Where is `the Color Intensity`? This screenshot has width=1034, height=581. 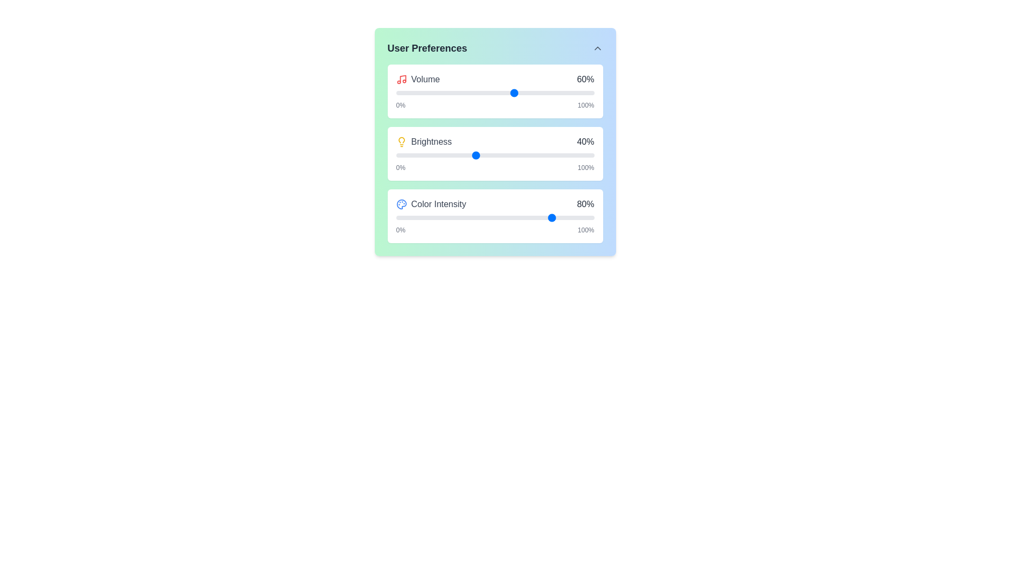 the Color Intensity is located at coordinates (512, 218).